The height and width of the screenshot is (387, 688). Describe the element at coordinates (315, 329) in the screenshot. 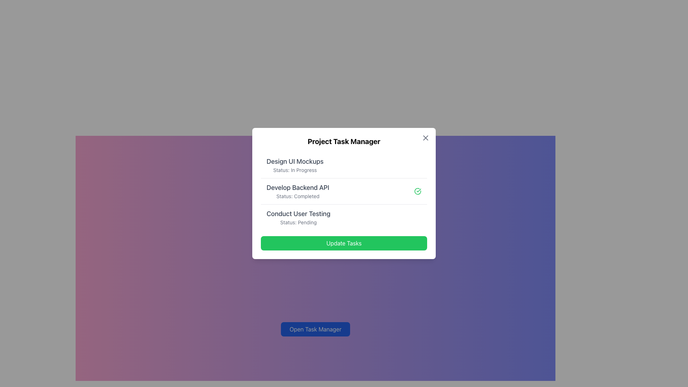

I see `the rectangular button with a blue background and white text labeled 'Open Task Manager'` at that location.